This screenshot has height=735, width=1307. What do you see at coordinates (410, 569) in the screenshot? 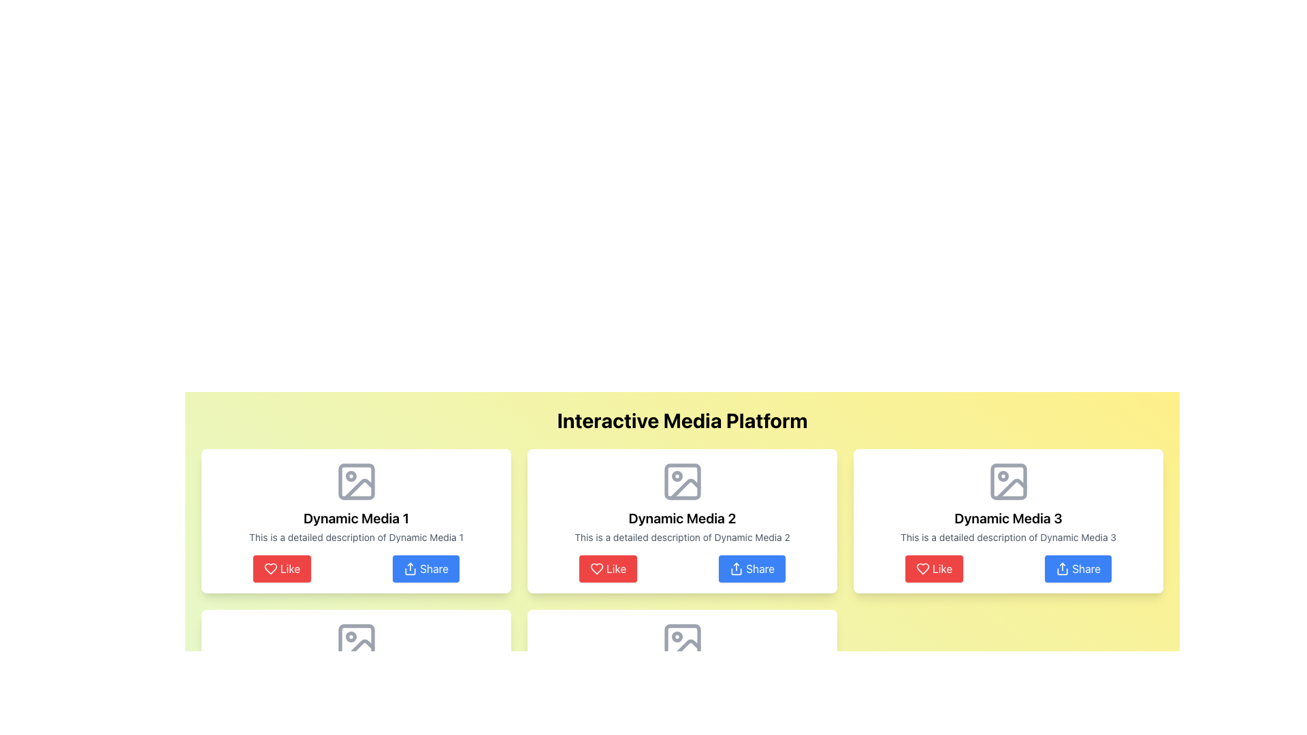
I see `the 'Share' icon, which features an upward arrow from a square base` at bounding box center [410, 569].